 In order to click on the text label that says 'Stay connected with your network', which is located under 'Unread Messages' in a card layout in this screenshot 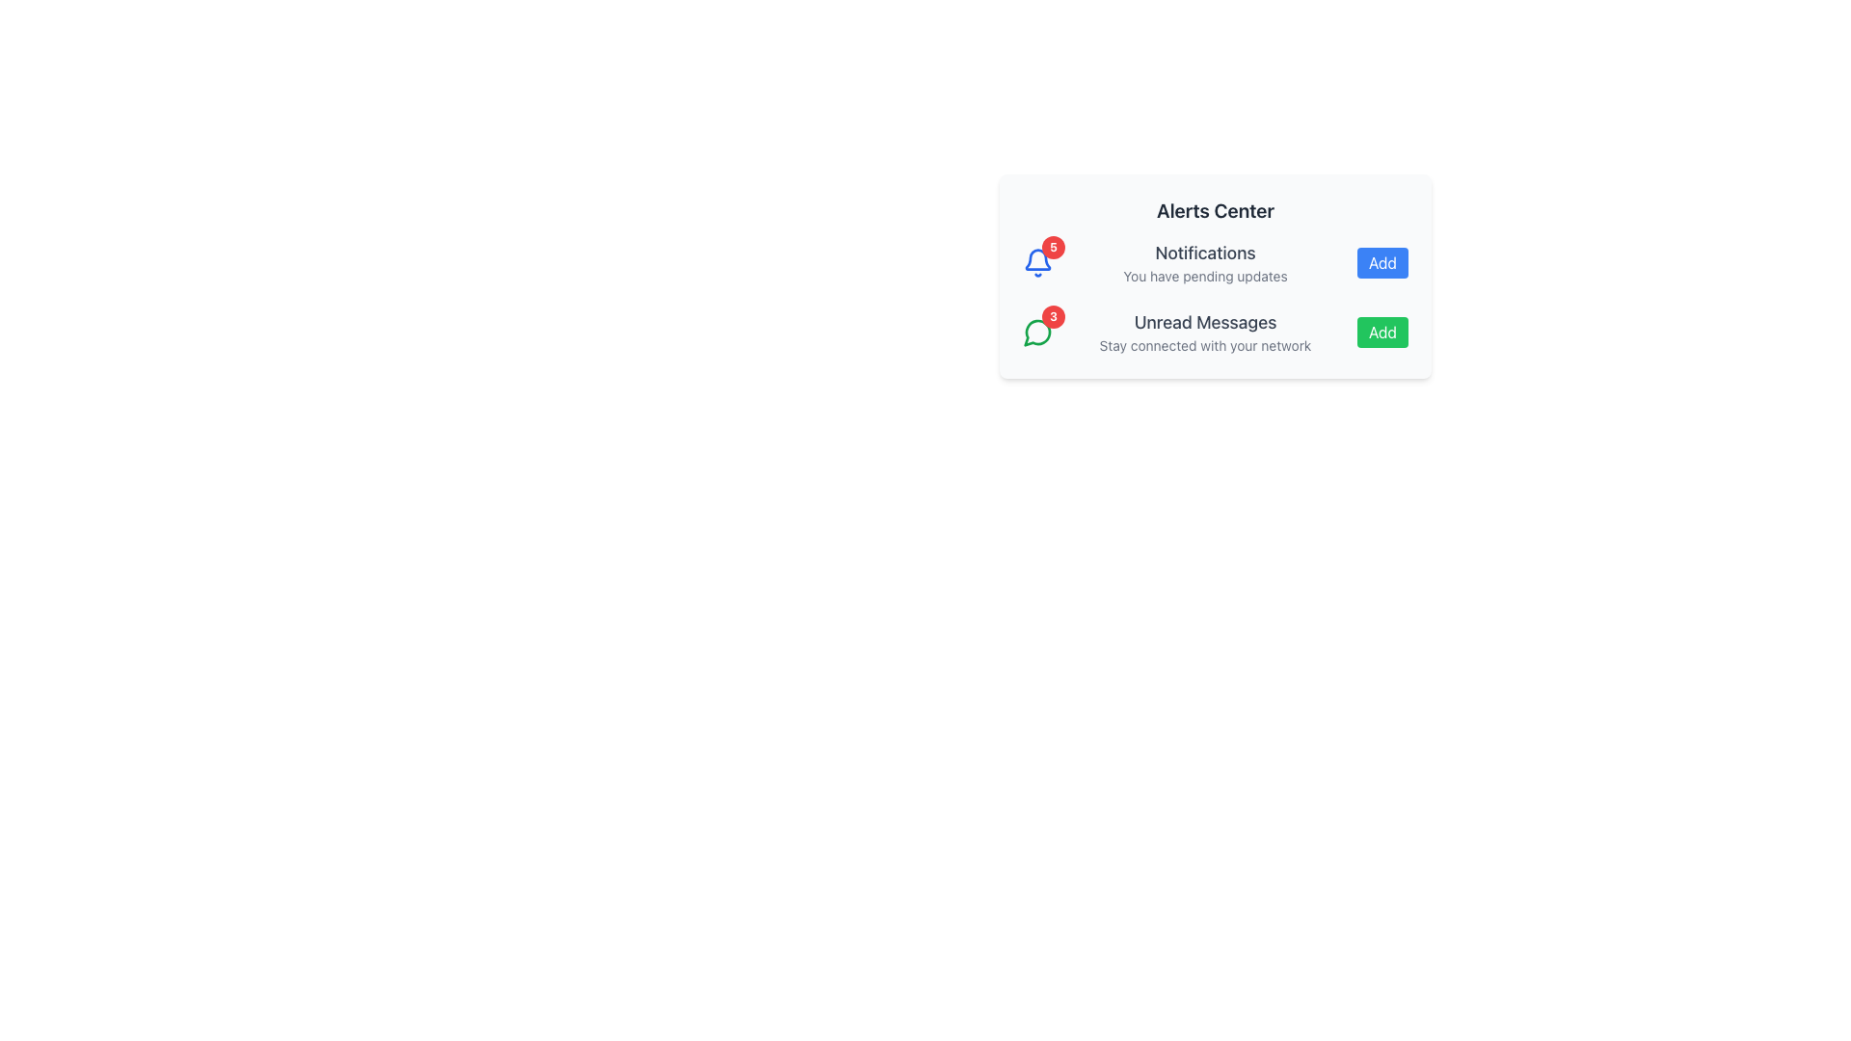, I will do `click(1204, 344)`.